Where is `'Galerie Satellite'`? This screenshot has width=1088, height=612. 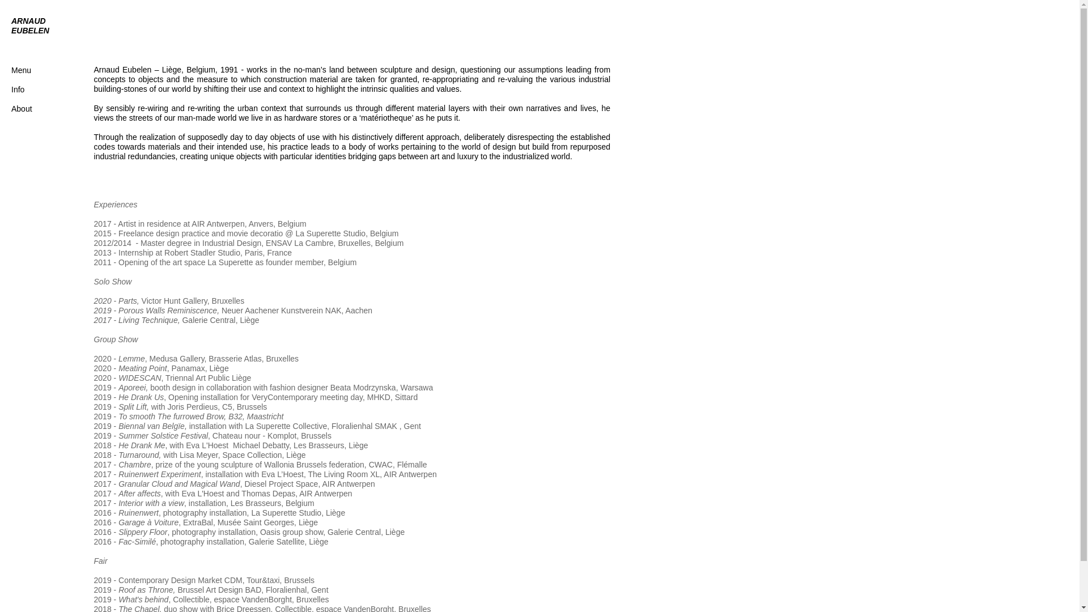 'Galerie Satellite' is located at coordinates (277, 541).